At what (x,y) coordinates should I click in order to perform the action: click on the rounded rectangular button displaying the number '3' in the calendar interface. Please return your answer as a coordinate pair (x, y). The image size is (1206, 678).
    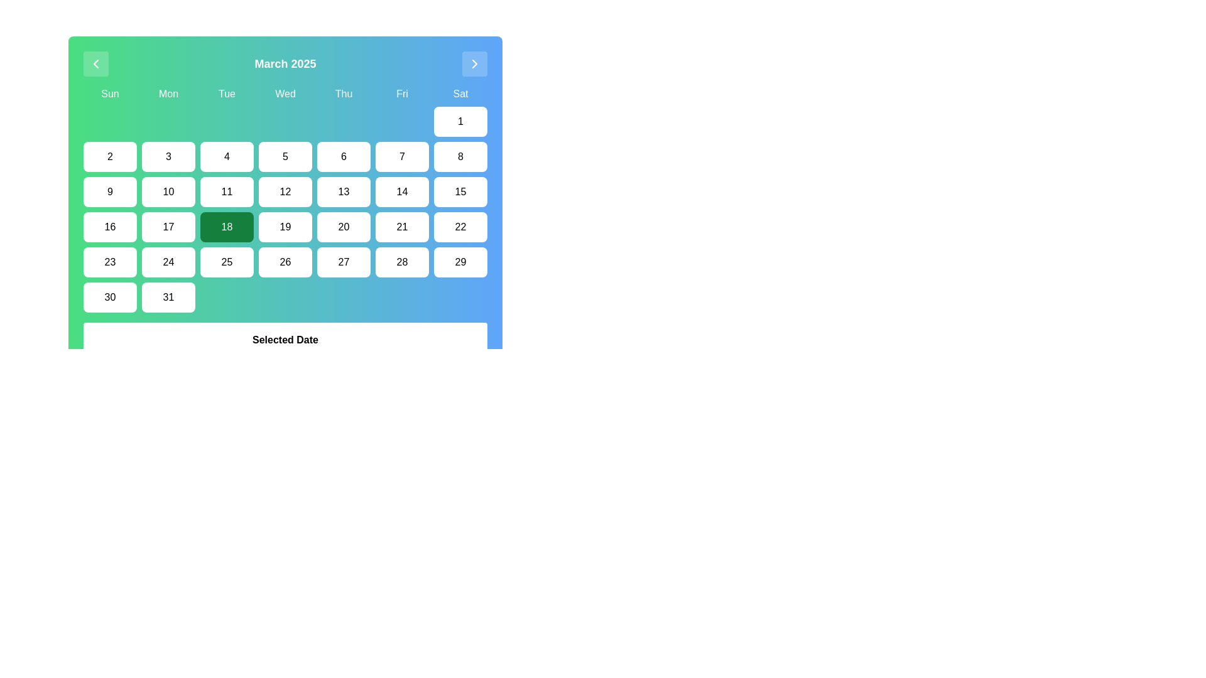
    Looking at the image, I should click on (168, 156).